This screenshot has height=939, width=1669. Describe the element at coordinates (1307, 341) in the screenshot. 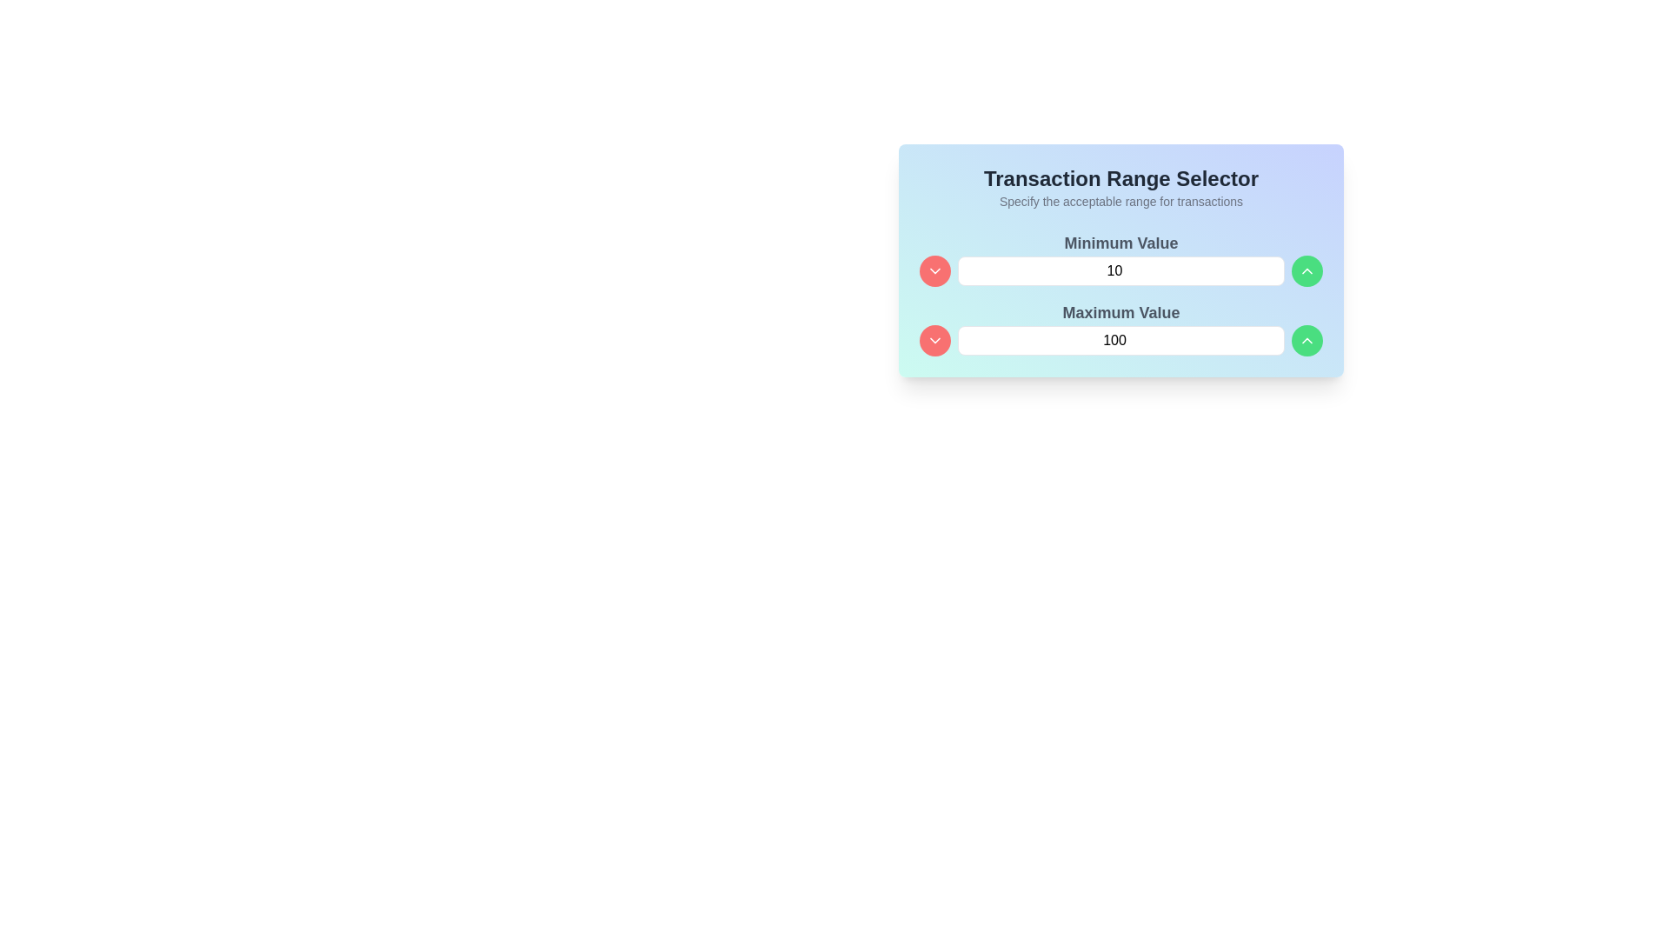

I see `the increment button located at the far-right end of the component group to observe hover feedback` at that location.